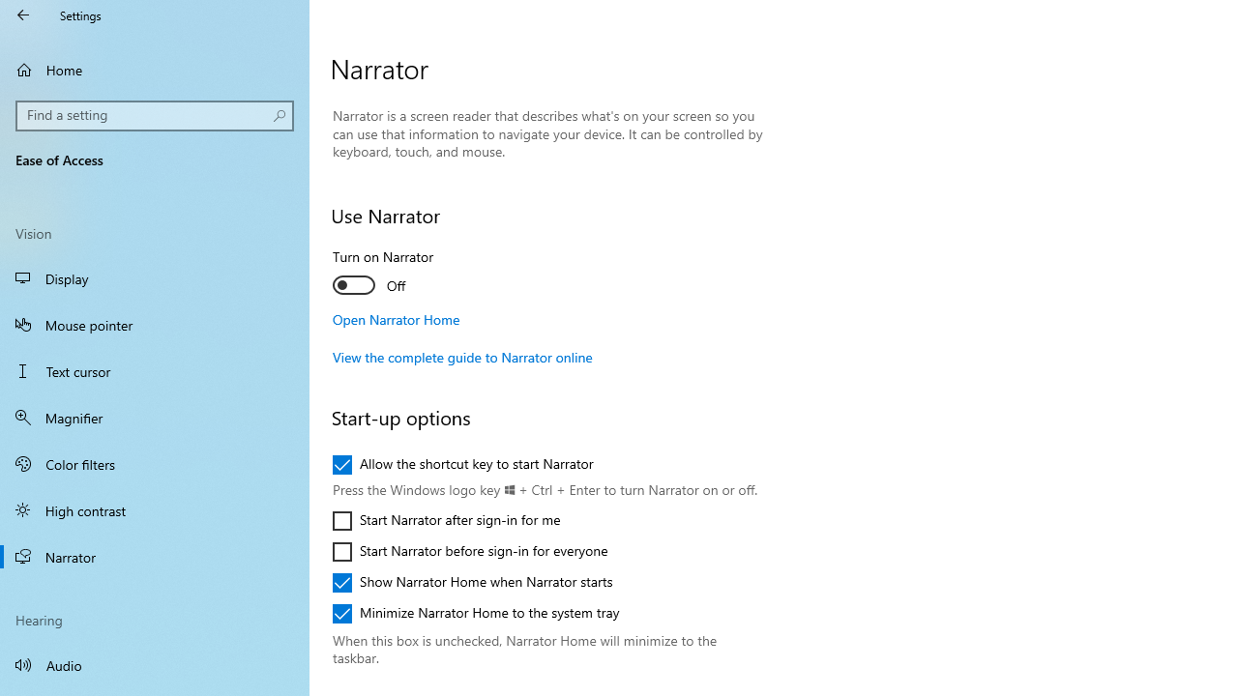 Image resolution: width=1238 pixels, height=696 pixels. Describe the element at coordinates (155, 509) in the screenshot. I see `'High contrast'` at that location.